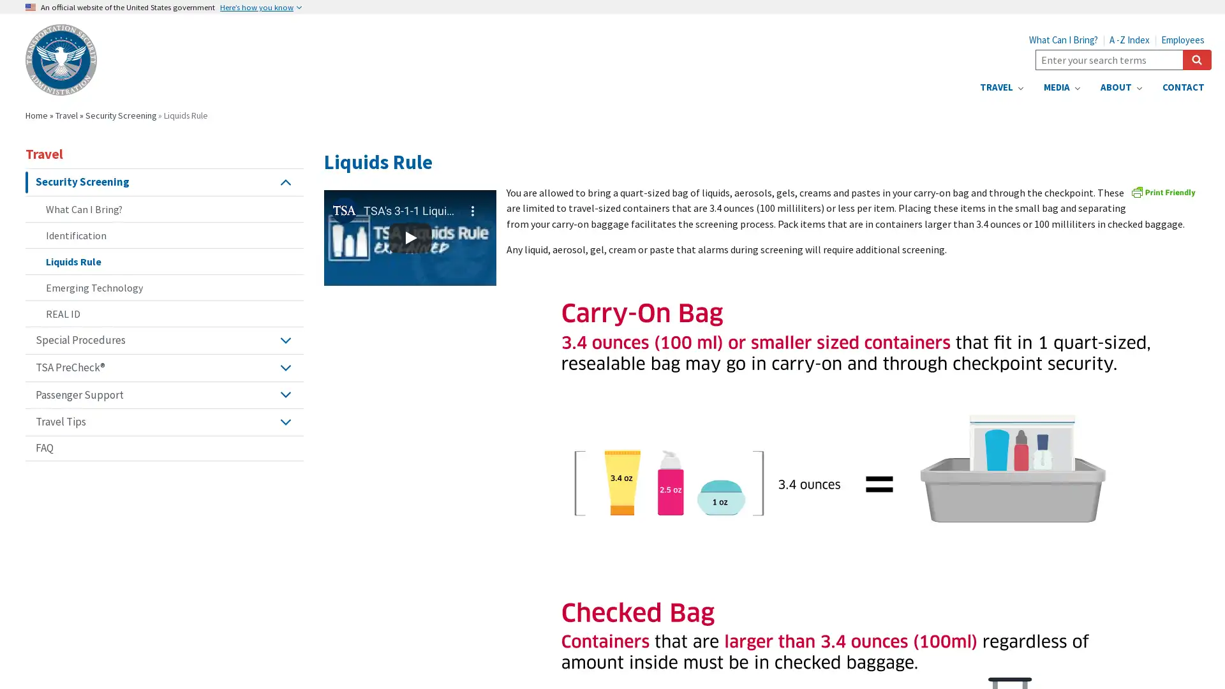 This screenshot has width=1225, height=689. What do you see at coordinates (285, 394) in the screenshot?
I see `Toggle submenu for 'Passenger Support'` at bounding box center [285, 394].